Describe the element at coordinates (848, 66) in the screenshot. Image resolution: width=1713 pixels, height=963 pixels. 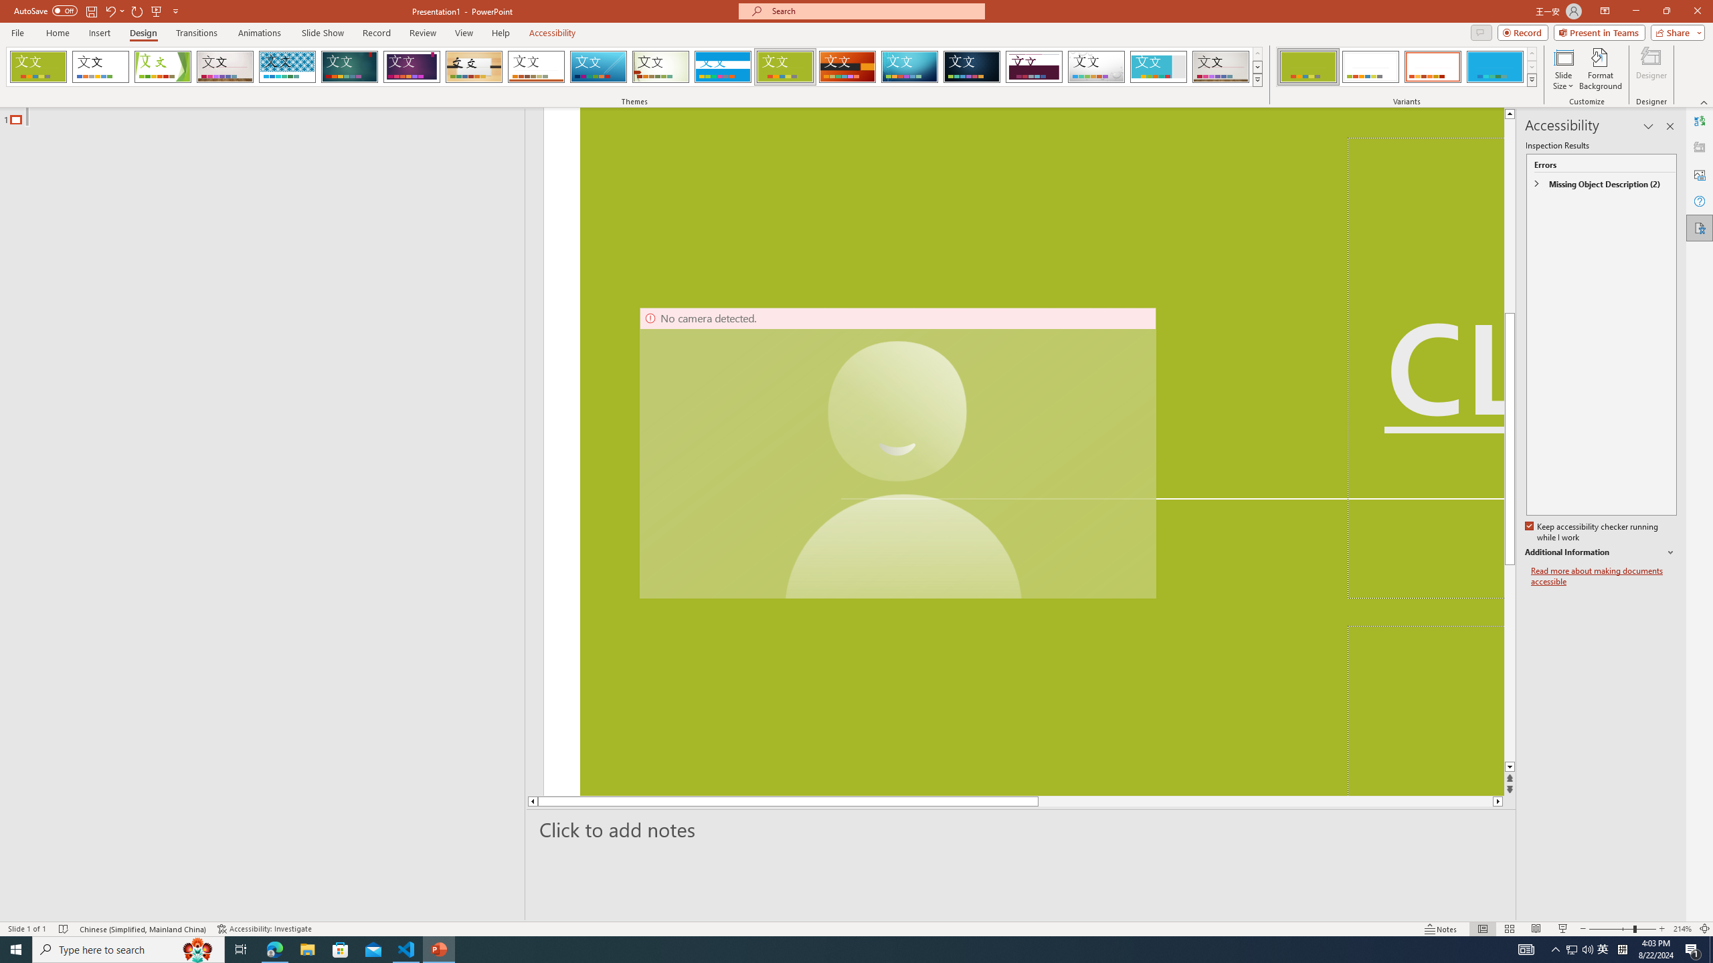
I see `'Berlin'` at that location.